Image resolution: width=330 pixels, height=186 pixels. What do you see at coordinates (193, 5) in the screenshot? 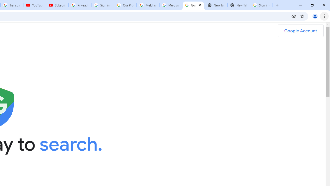
I see `'Google Safety Center - Stay Safer Online'` at bounding box center [193, 5].